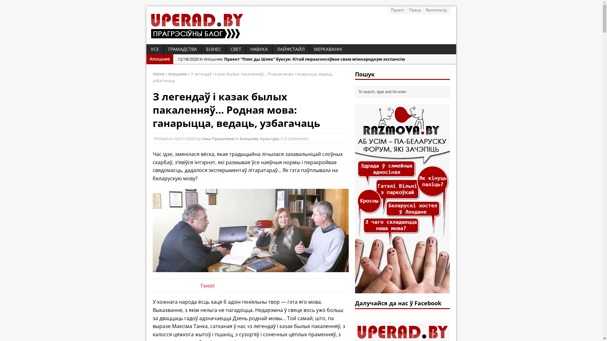 This screenshot has width=607, height=341. Describe the element at coordinates (152, 74) in the screenshot. I see `'Home'` at that location.